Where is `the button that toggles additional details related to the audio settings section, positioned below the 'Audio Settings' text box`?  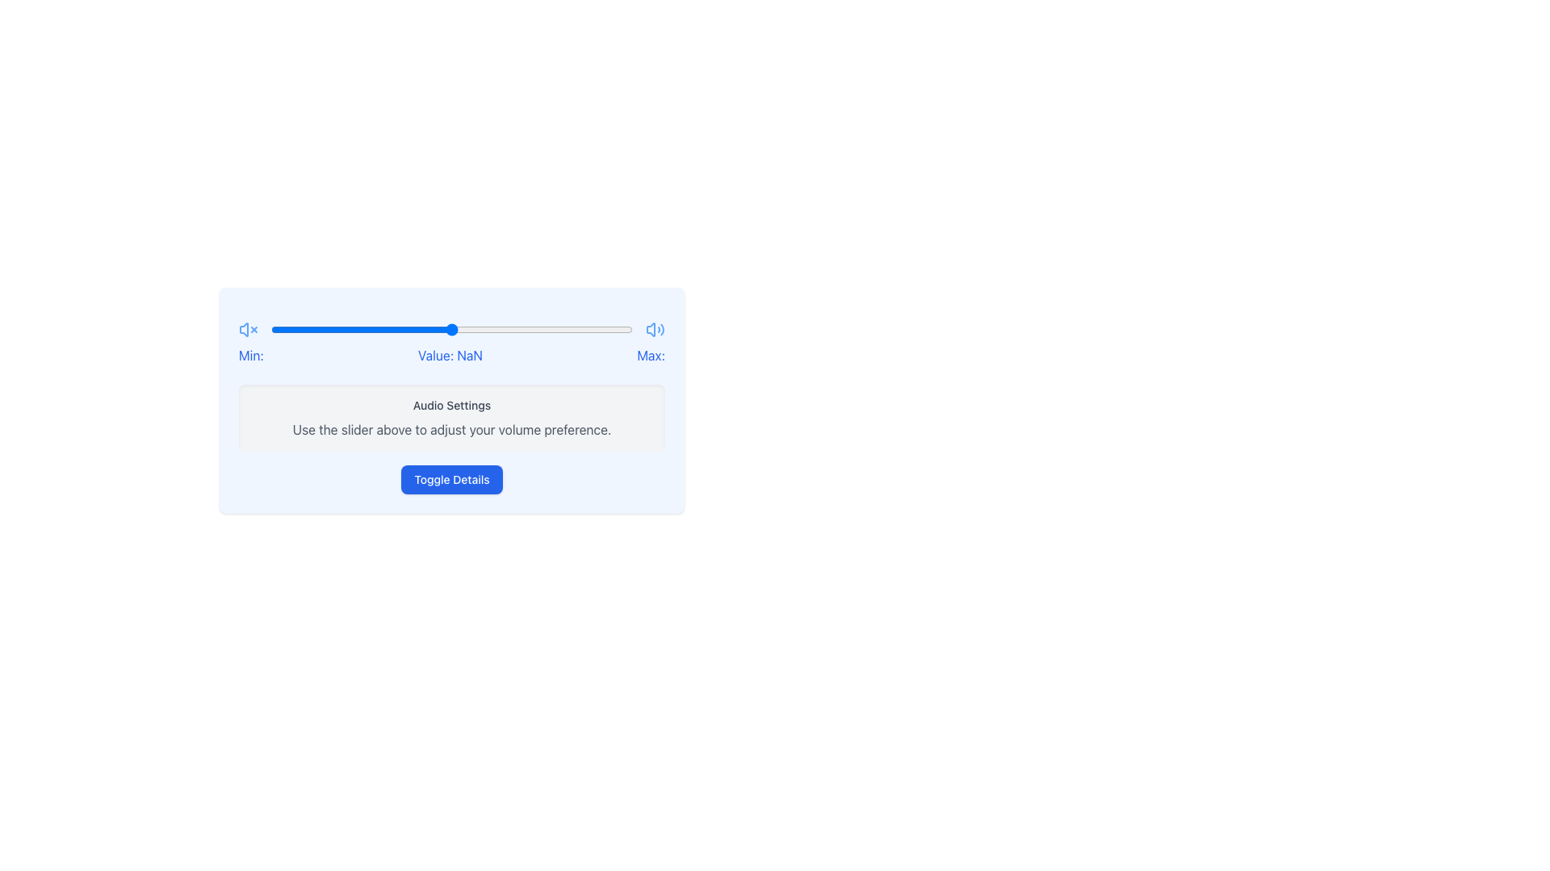 the button that toggles additional details related to the audio settings section, positioned below the 'Audio Settings' text box is located at coordinates (452, 478).